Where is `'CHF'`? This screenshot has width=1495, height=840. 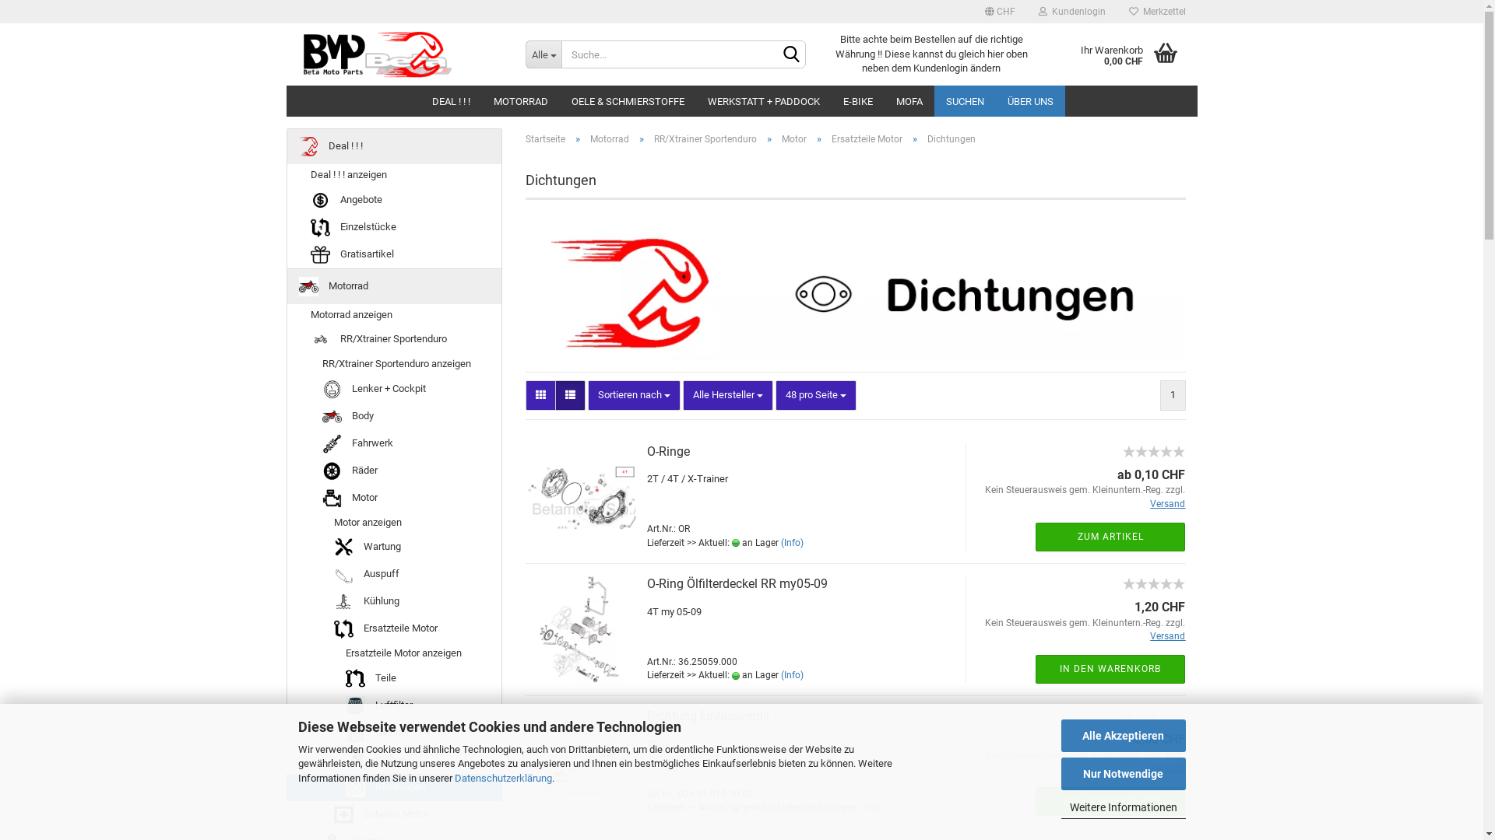 'CHF' is located at coordinates (1000, 12).